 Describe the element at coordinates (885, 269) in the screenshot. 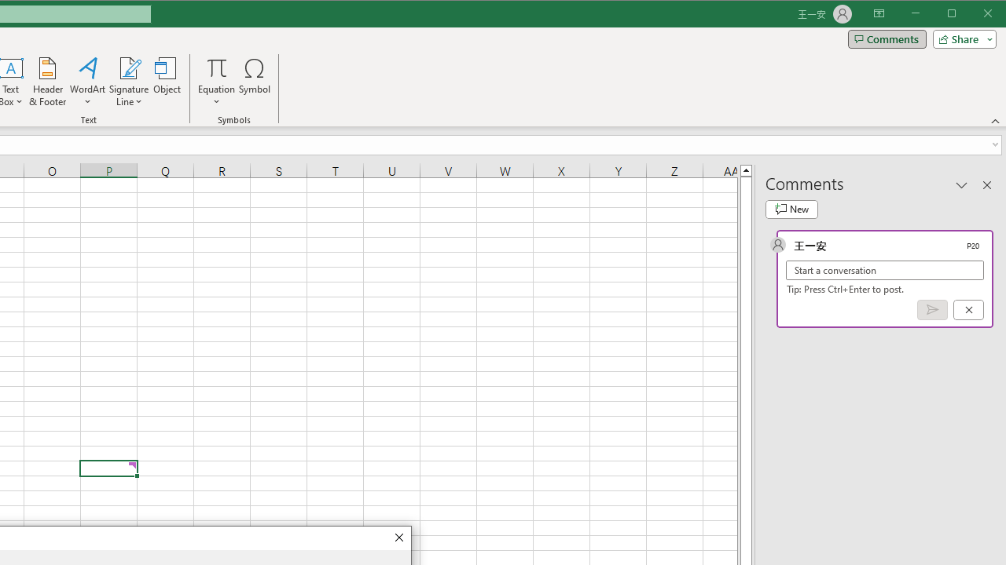

I see `'Start a conversation'` at that location.